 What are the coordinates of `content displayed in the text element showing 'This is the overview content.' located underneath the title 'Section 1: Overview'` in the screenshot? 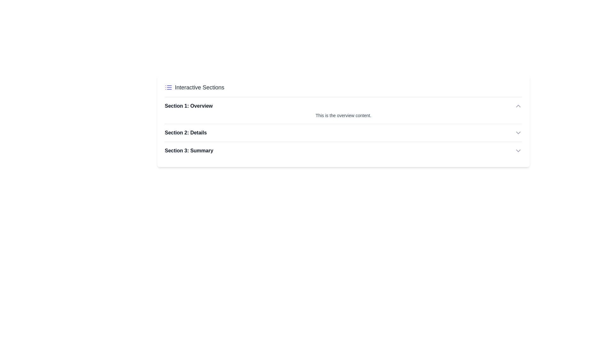 It's located at (343, 115).